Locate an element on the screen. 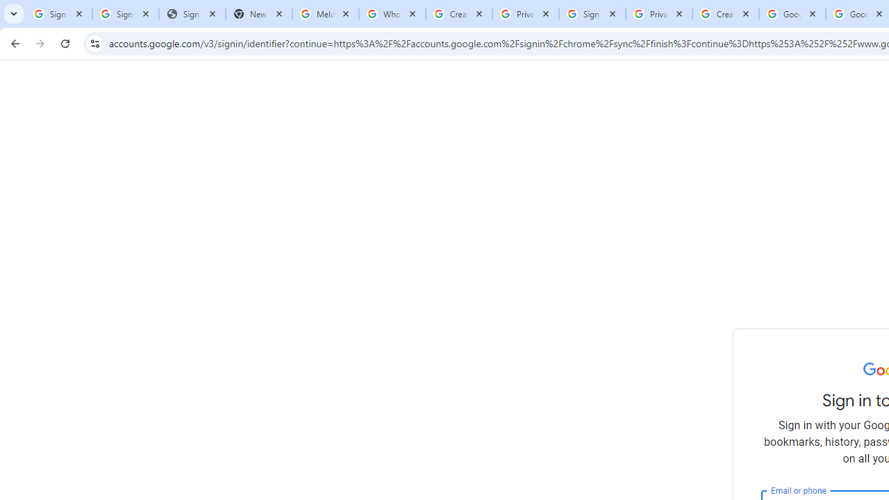 The height and width of the screenshot is (500, 889). 'Create your Google Account' is located at coordinates (725, 14).